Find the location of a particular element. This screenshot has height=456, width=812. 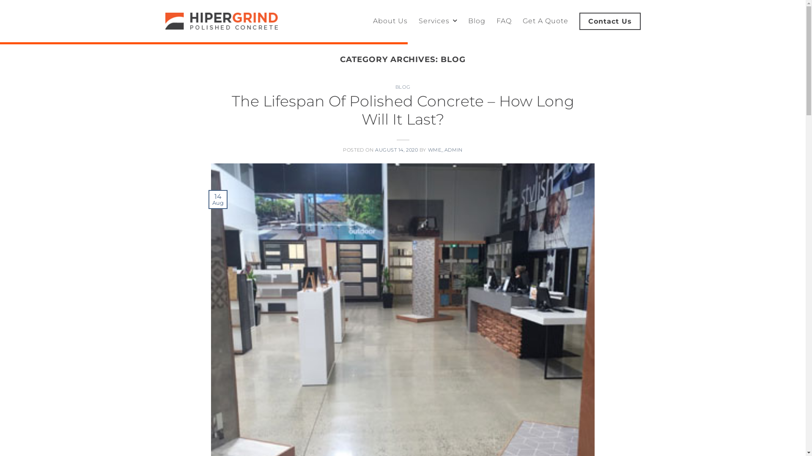

'WME_ADMIN' is located at coordinates (444, 149).